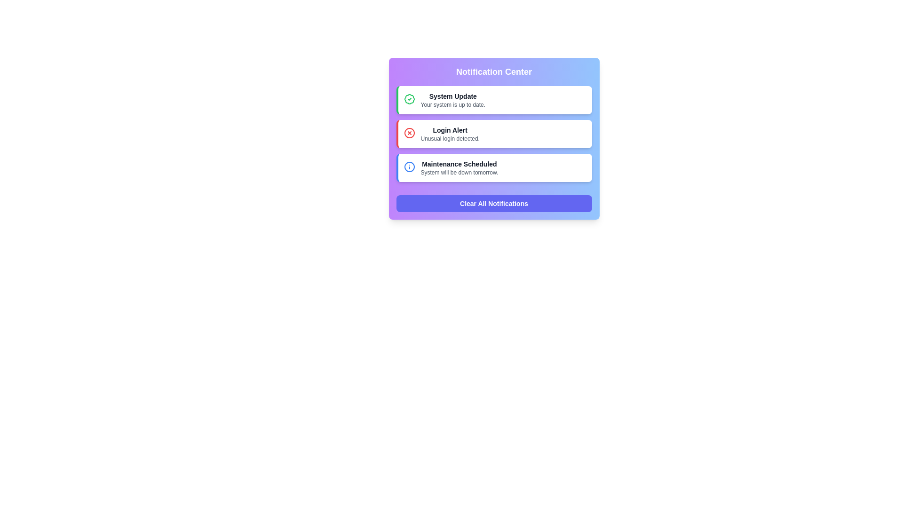 The height and width of the screenshot is (508, 903). What do you see at coordinates (459, 172) in the screenshot?
I see `the text element that reads 'System will be down tomorrow.' located below 'Maintenance Scheduled.'` at bounding box center [459, 172].